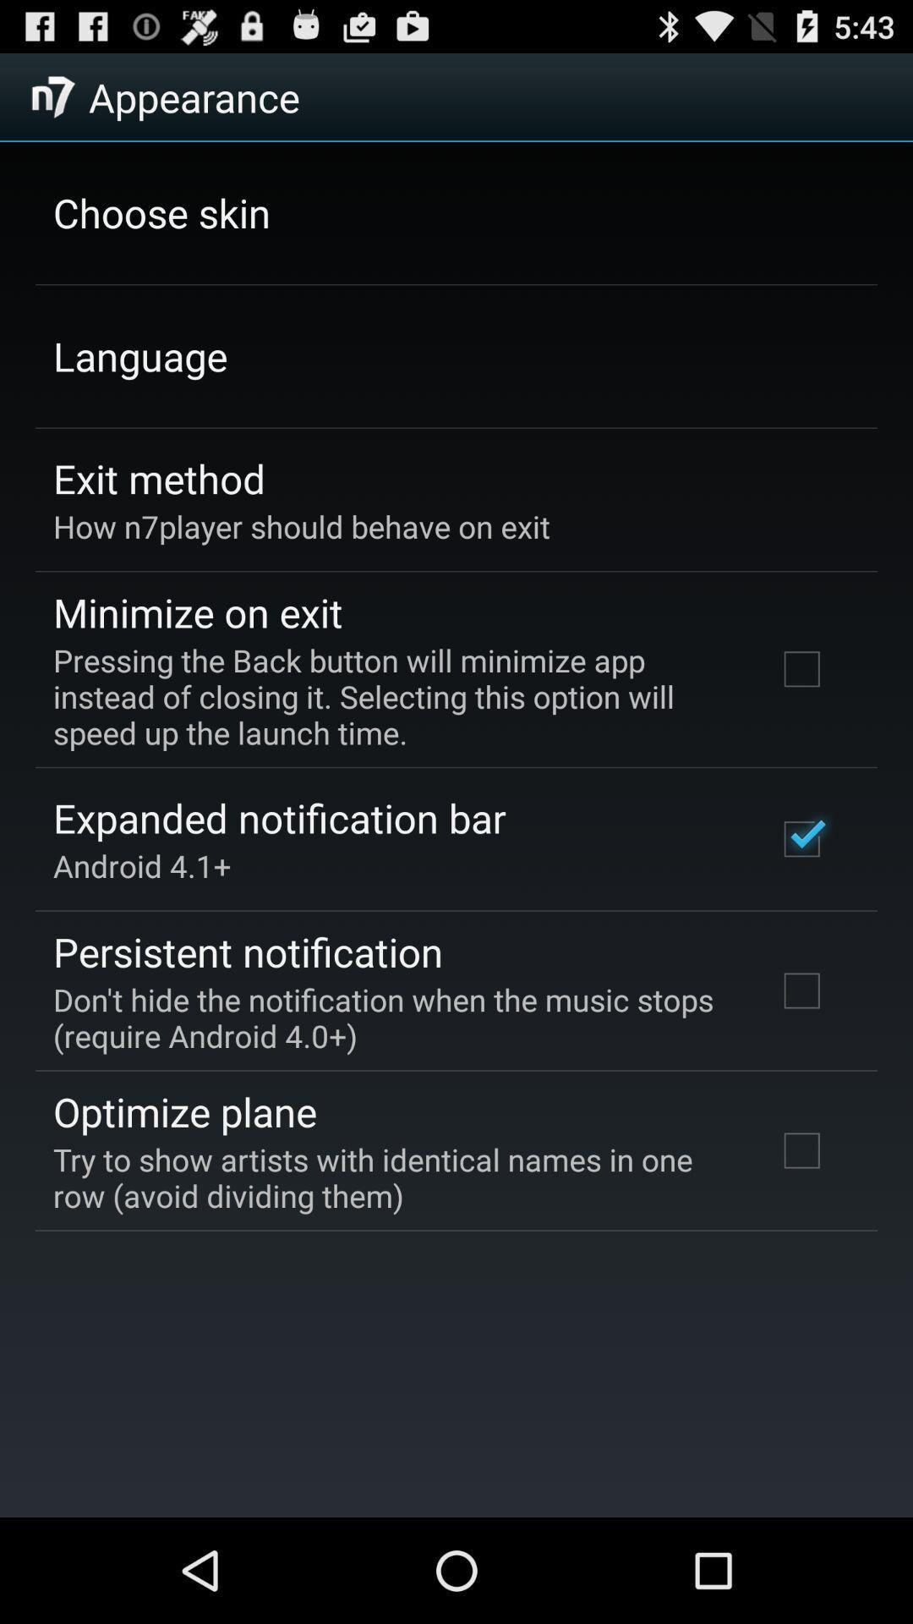 The height and width of the screenshot is (1624, 913). What do you see at coordinates (391, 1177) in the screenshot?
I see `app below the optimize plane icon` at bounding box center [391, 1177].